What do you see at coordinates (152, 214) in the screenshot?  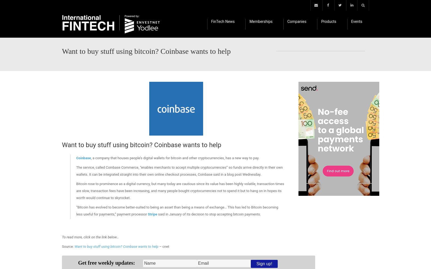 I see `'Stripe'` at bounding box center [152, 214].